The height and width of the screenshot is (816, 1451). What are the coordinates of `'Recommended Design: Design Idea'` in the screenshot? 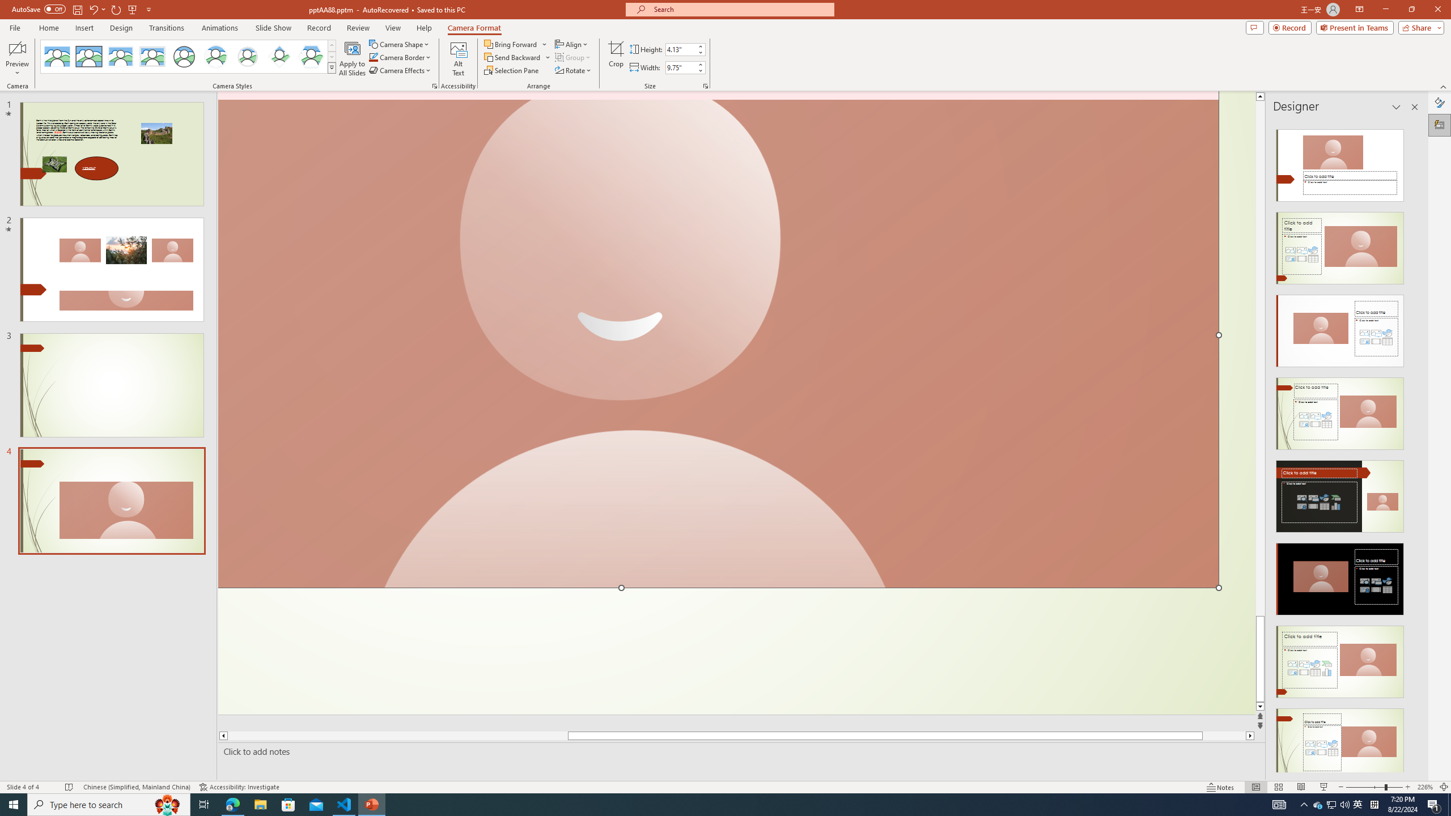 It's located at (1340, 161).